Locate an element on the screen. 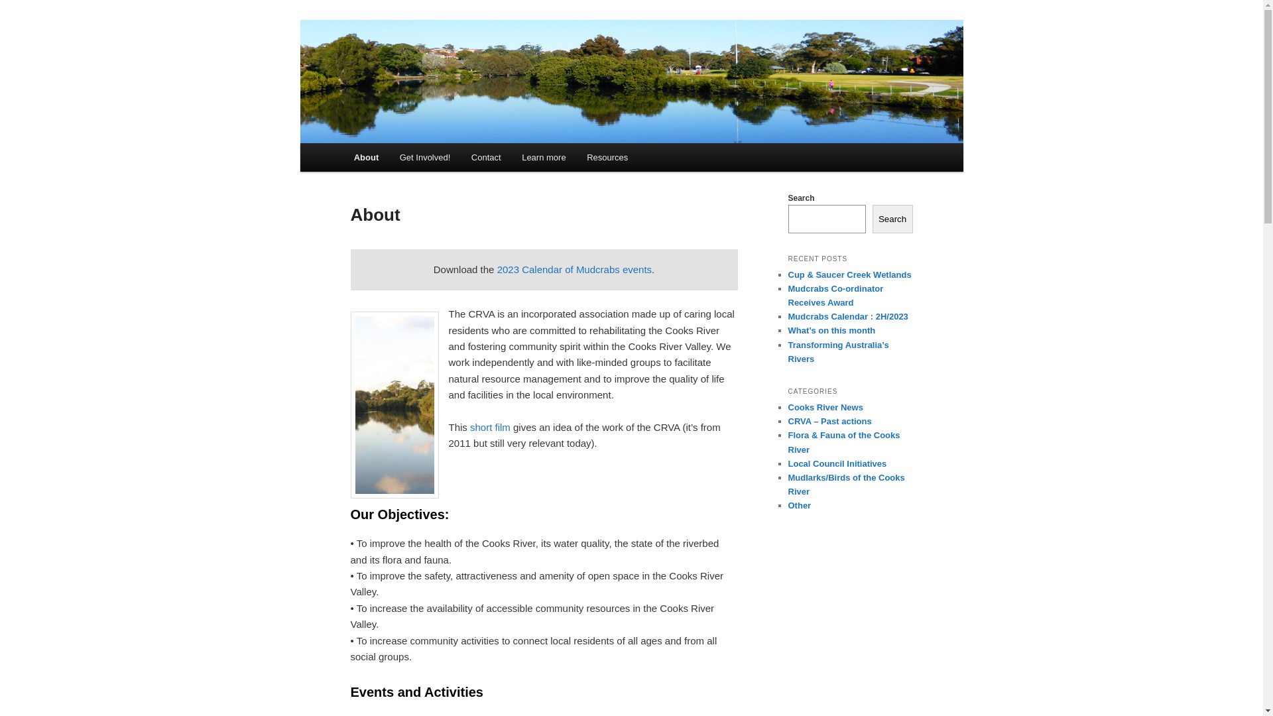 The width and height of the screenshot is (1273, 716). 'Cup & Saucer Creek Wetlands' is located at coordinates (849, 274).